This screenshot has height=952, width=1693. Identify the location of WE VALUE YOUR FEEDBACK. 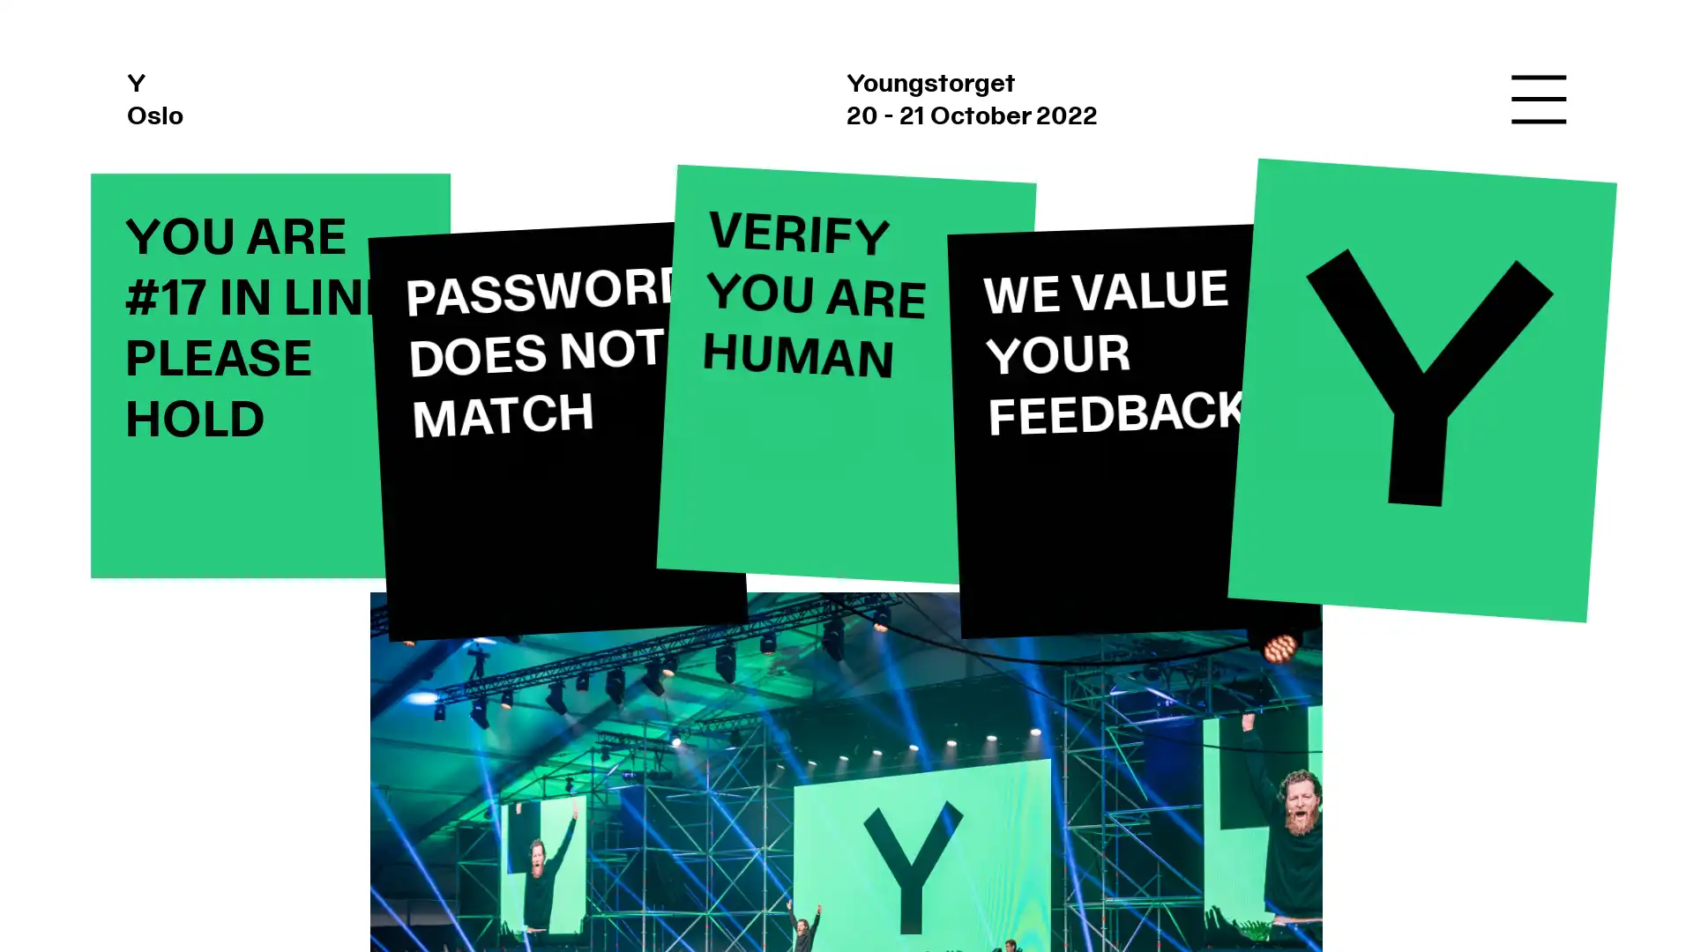
(1134, 429).